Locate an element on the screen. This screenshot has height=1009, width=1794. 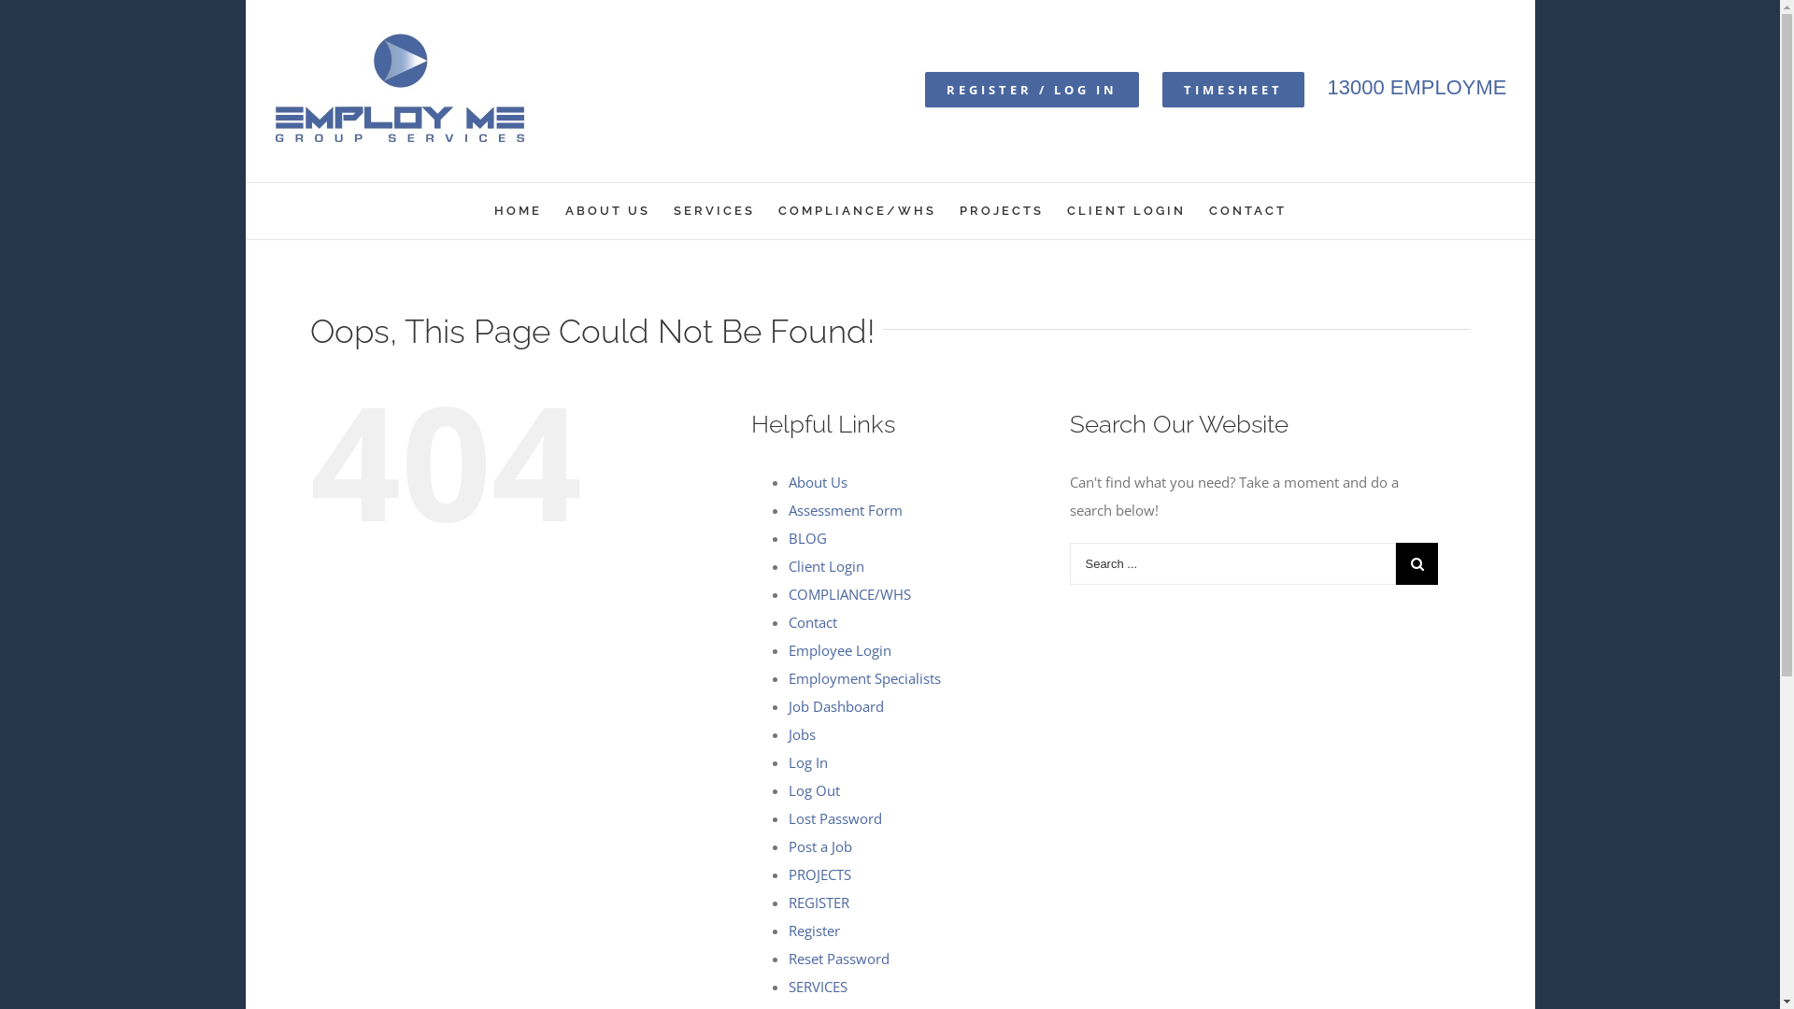
'Employment Specialists' is located at coordinates (863, 677).